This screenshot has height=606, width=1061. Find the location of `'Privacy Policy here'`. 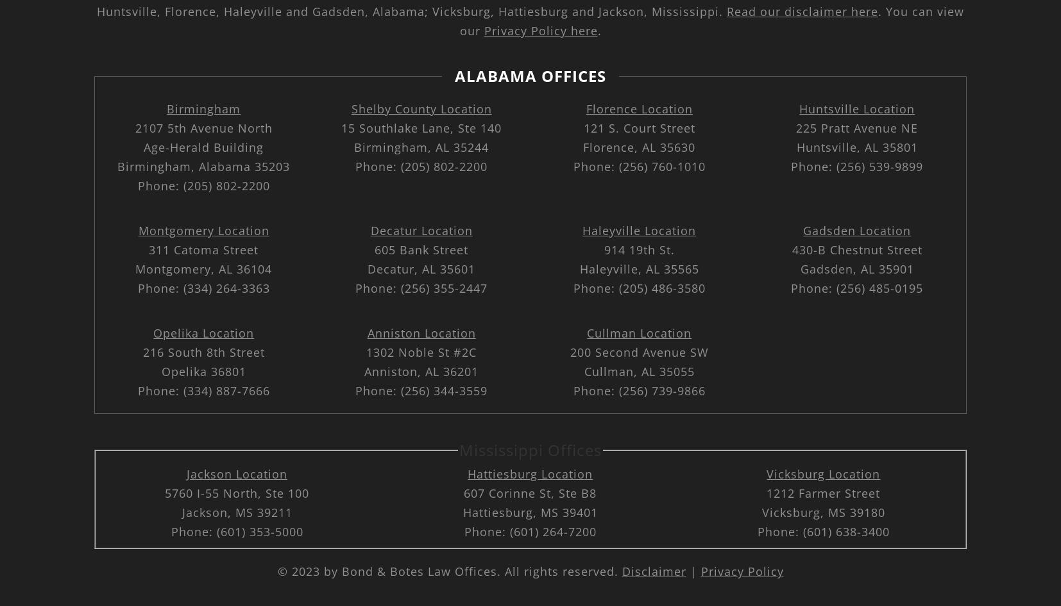

'Privacy Policy here' is located at coordinates (484, 30).